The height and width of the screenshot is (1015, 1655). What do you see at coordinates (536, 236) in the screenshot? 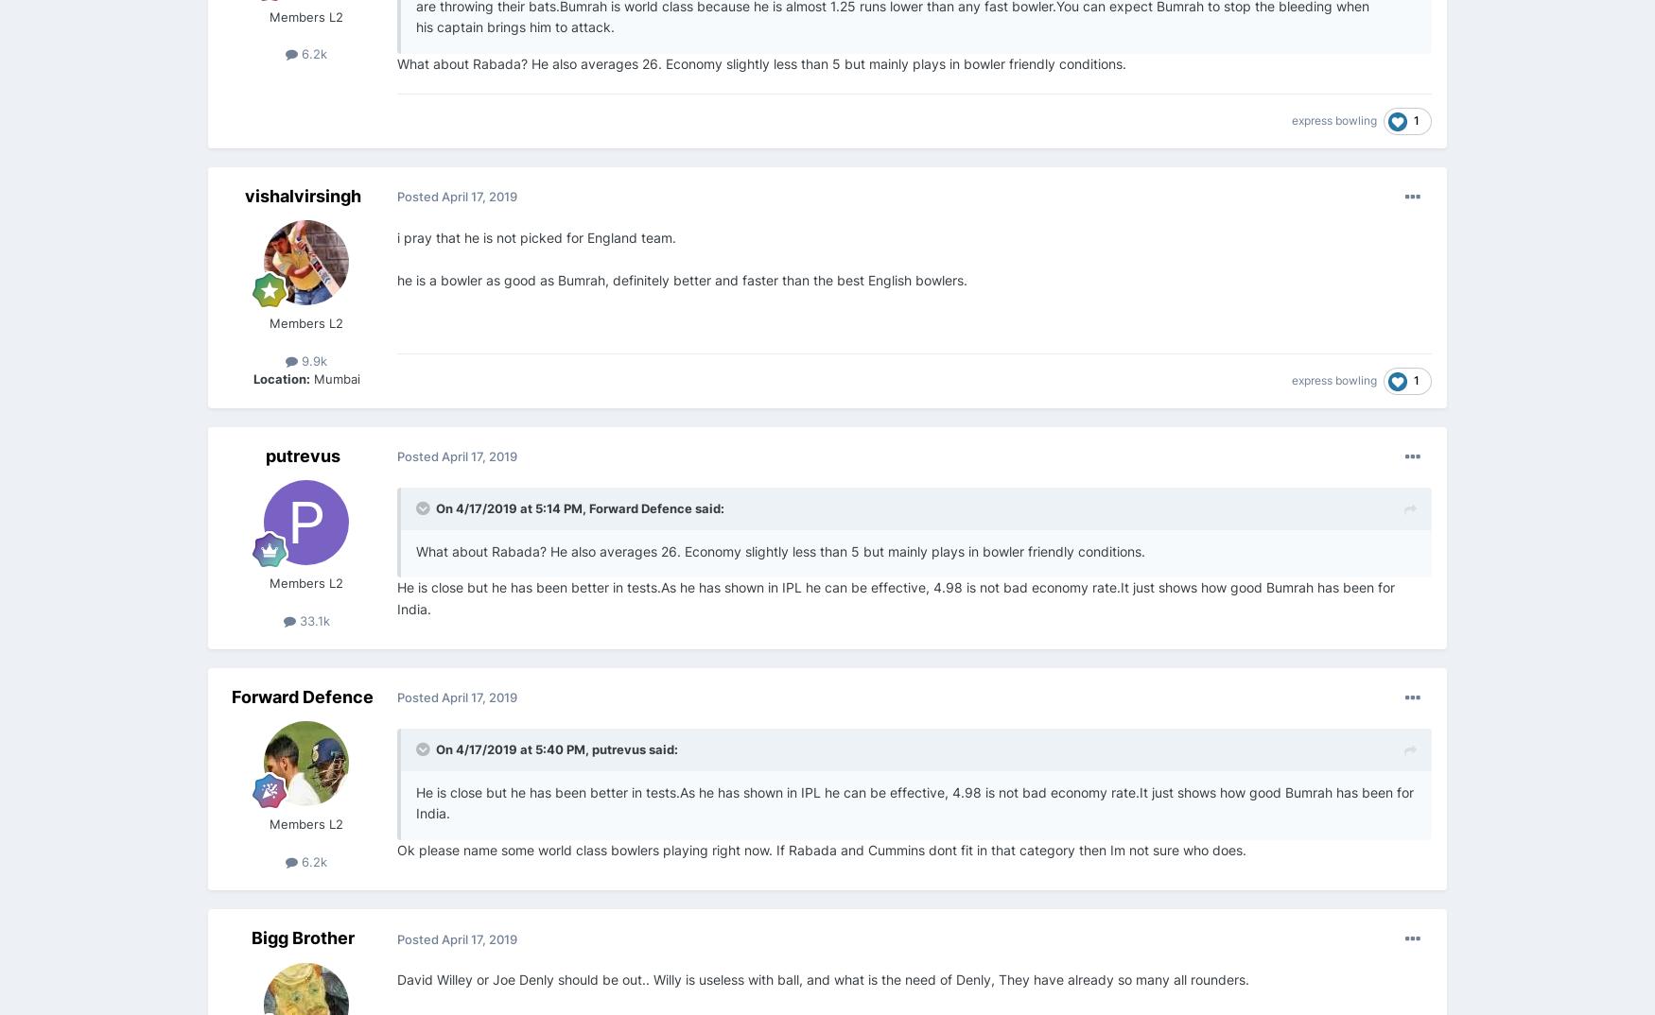
I see `'i pray that he is not picked for England team.'` at bounding box center [536, 236].